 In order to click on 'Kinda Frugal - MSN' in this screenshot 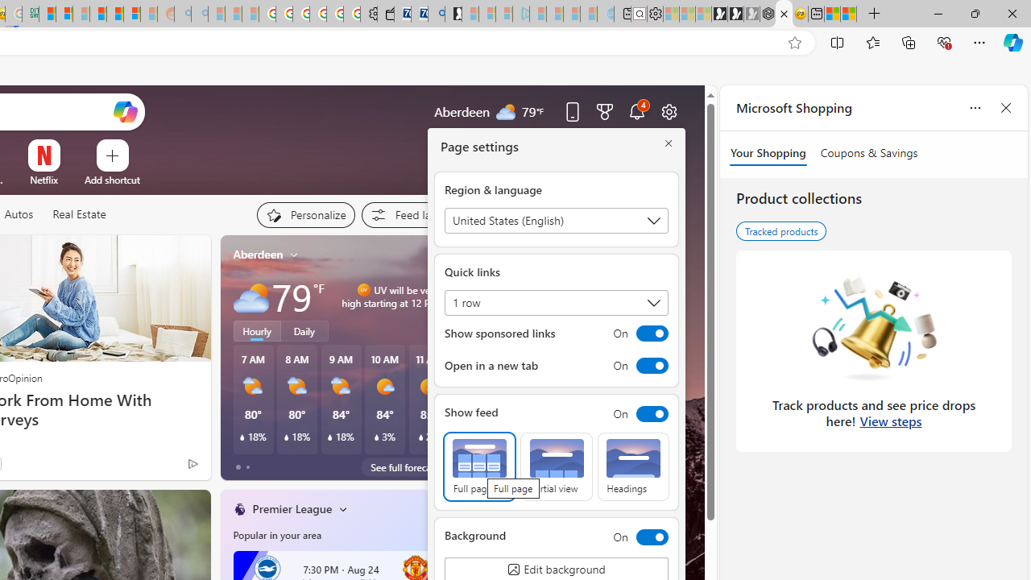, I will do `click(114, 14)`.